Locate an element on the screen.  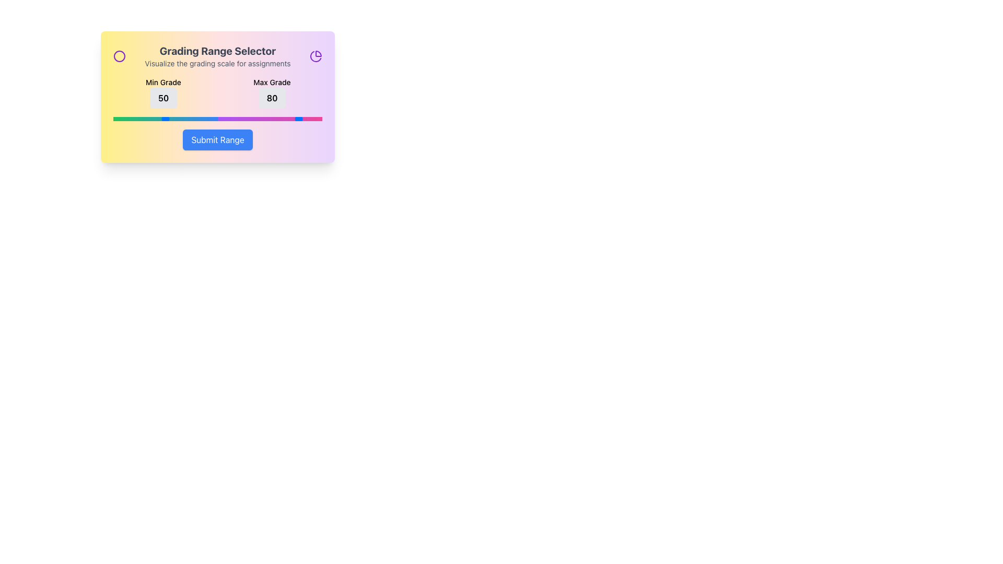
the slider value is located at coordinates (247, 118).